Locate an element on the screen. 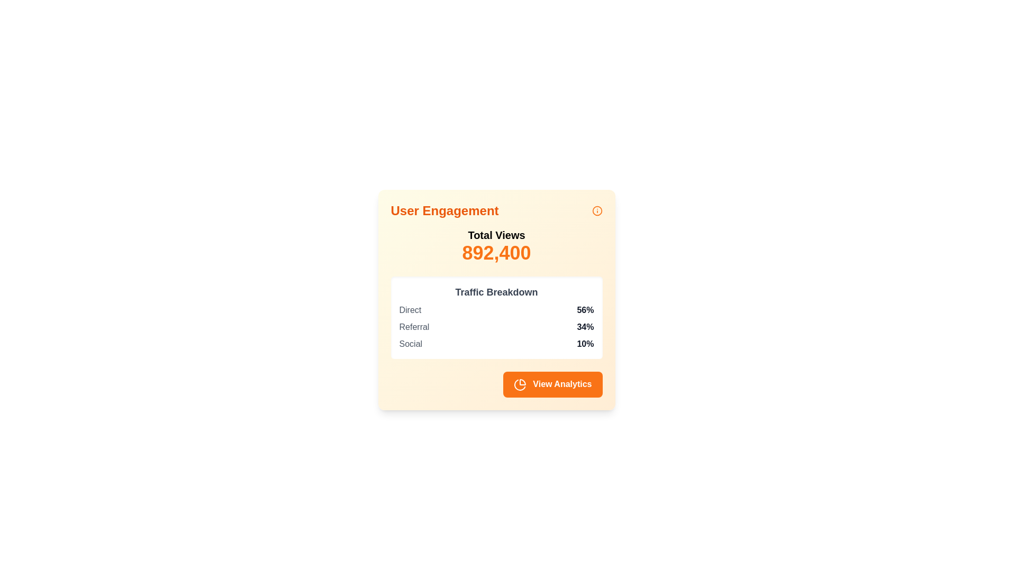 Image resolution: width=1016 pixels, height=571 pixels. the bold, black text displaying '56%' located in the traffic breakdown section, positioned to the right of the text 'Direct' is located at coordinates (585, 309).